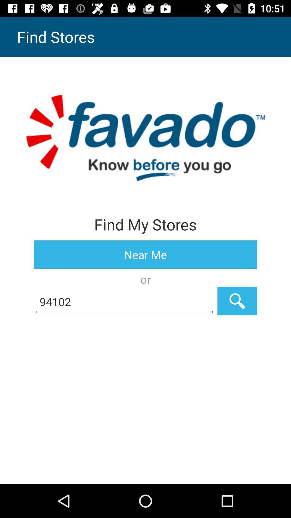 The height and width of the screenshot is (518, 291). I want to click on the icon next to the 94102, so click(237, 301).